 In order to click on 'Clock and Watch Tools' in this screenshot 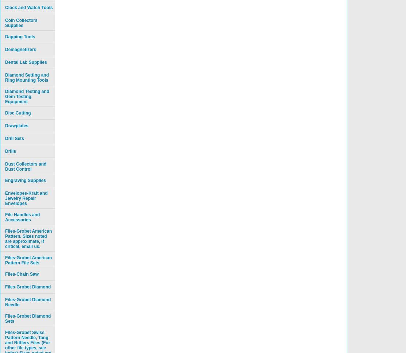, I will do `click(29, 8)`.